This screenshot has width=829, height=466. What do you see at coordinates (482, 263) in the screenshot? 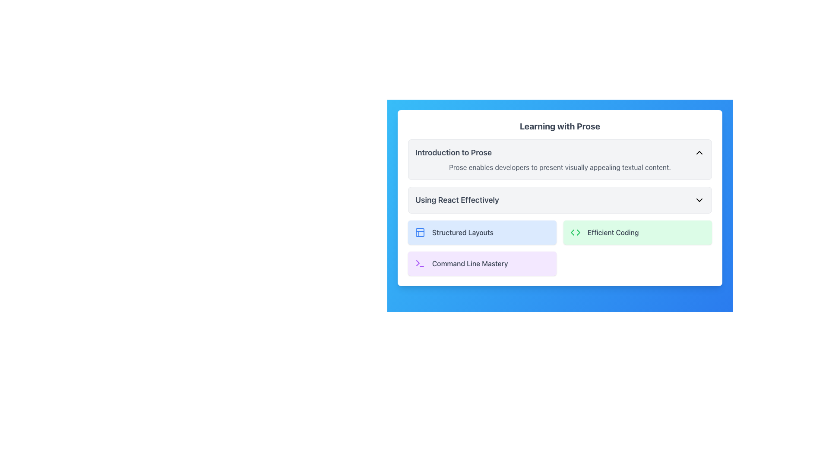
I see `the informational card labeled 'Command Line Mastery' located in the lower-left section of the grid` at bounding box center [482, 263].